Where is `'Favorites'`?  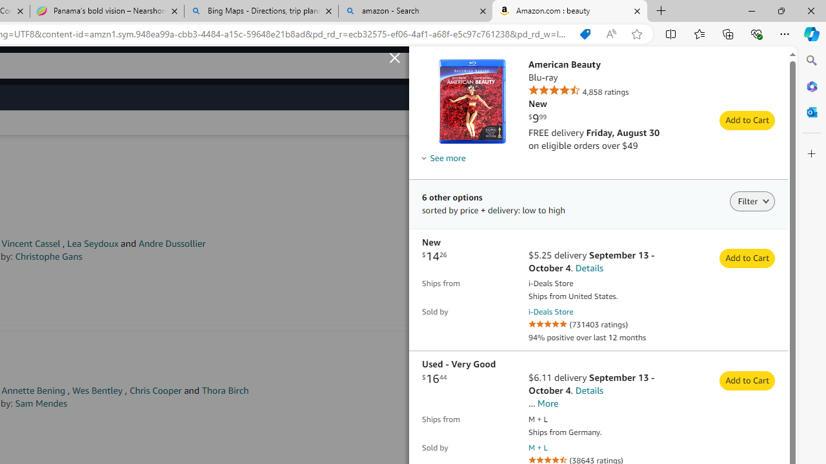
'Favorites' is located at coordinates (698, 33).